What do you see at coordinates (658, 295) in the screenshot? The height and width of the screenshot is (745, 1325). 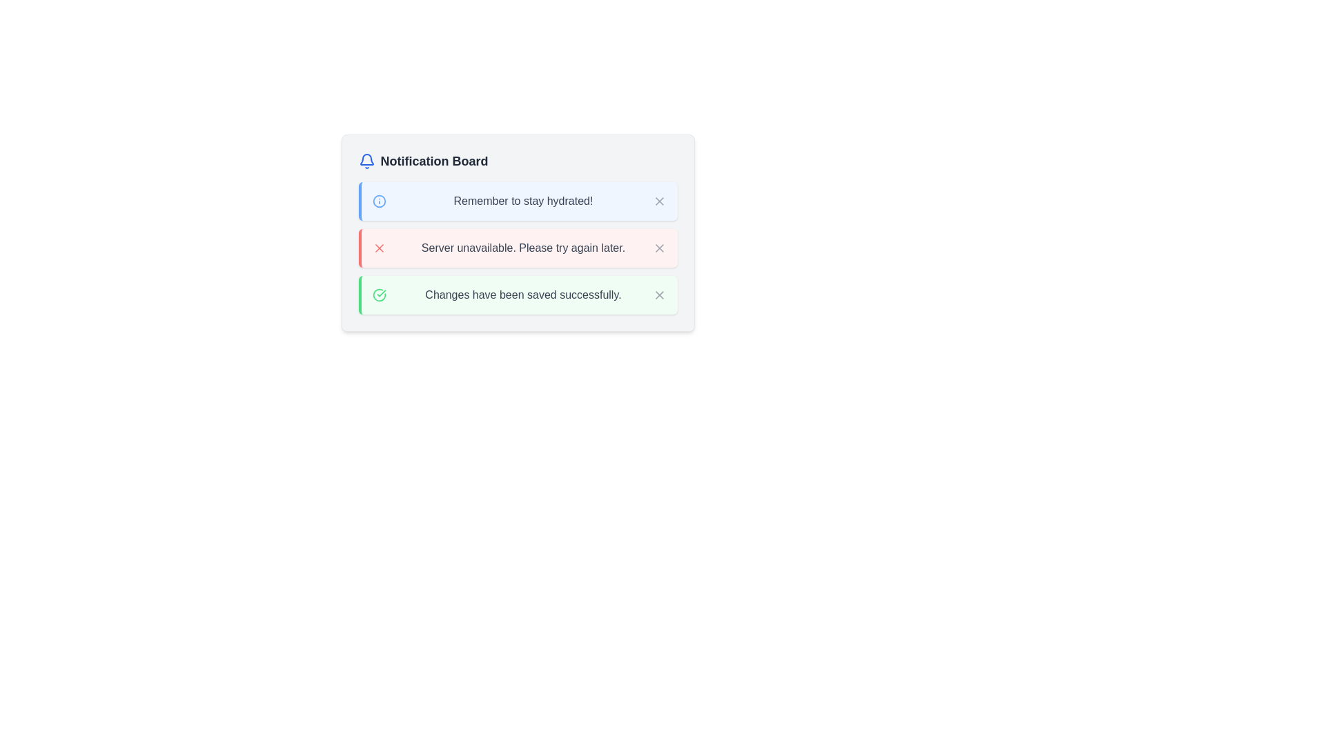 I see `the clickable icon button resembling an 'X' at the right end of the notification message 'Changes have been saved successfully.'` at bounding box center [658, 295].